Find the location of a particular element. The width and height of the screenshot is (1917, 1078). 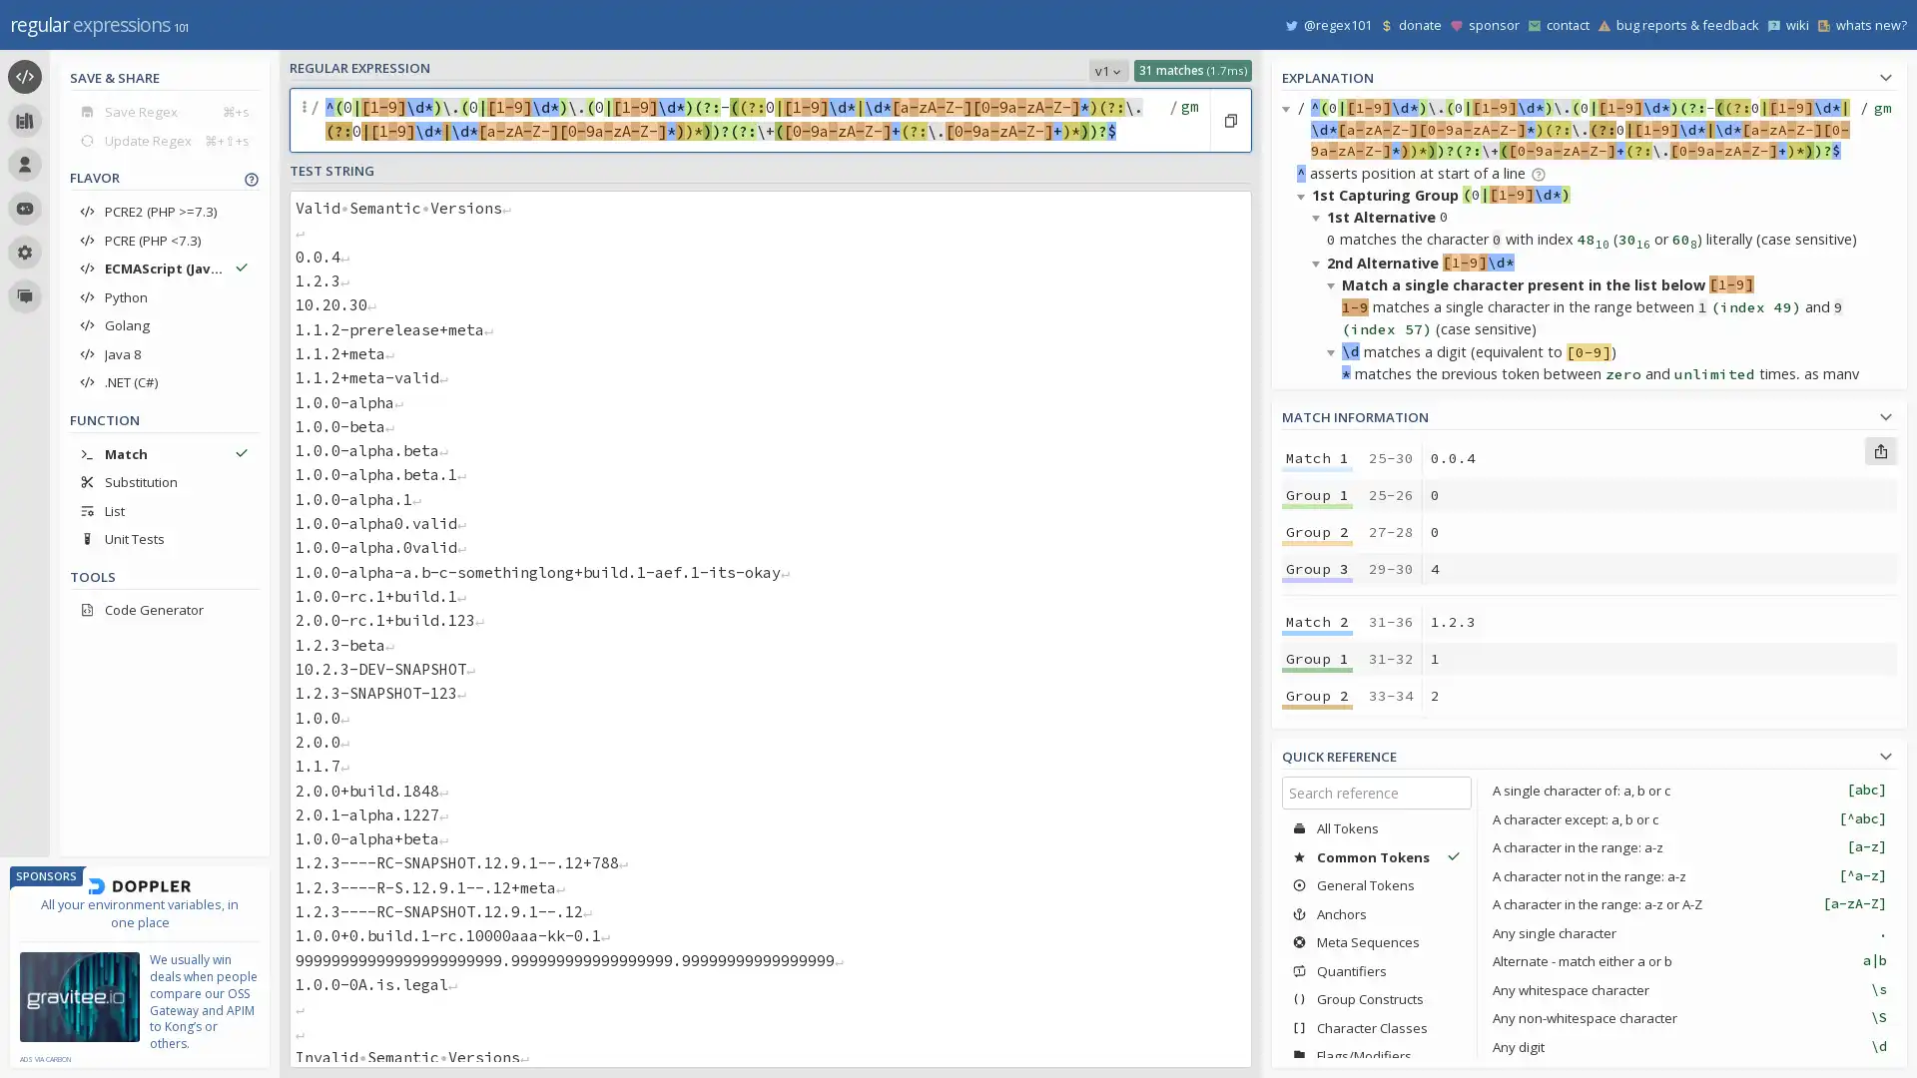

Substitution is located at coordinates (164, 481).